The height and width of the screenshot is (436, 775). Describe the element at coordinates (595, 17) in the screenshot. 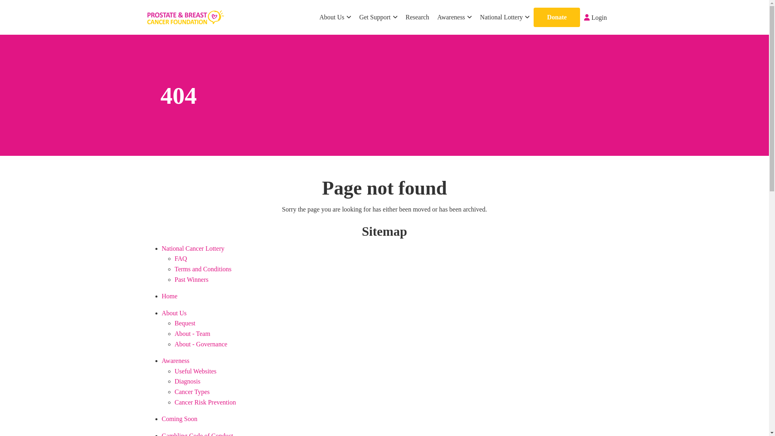

I see `'Login'` at that location.